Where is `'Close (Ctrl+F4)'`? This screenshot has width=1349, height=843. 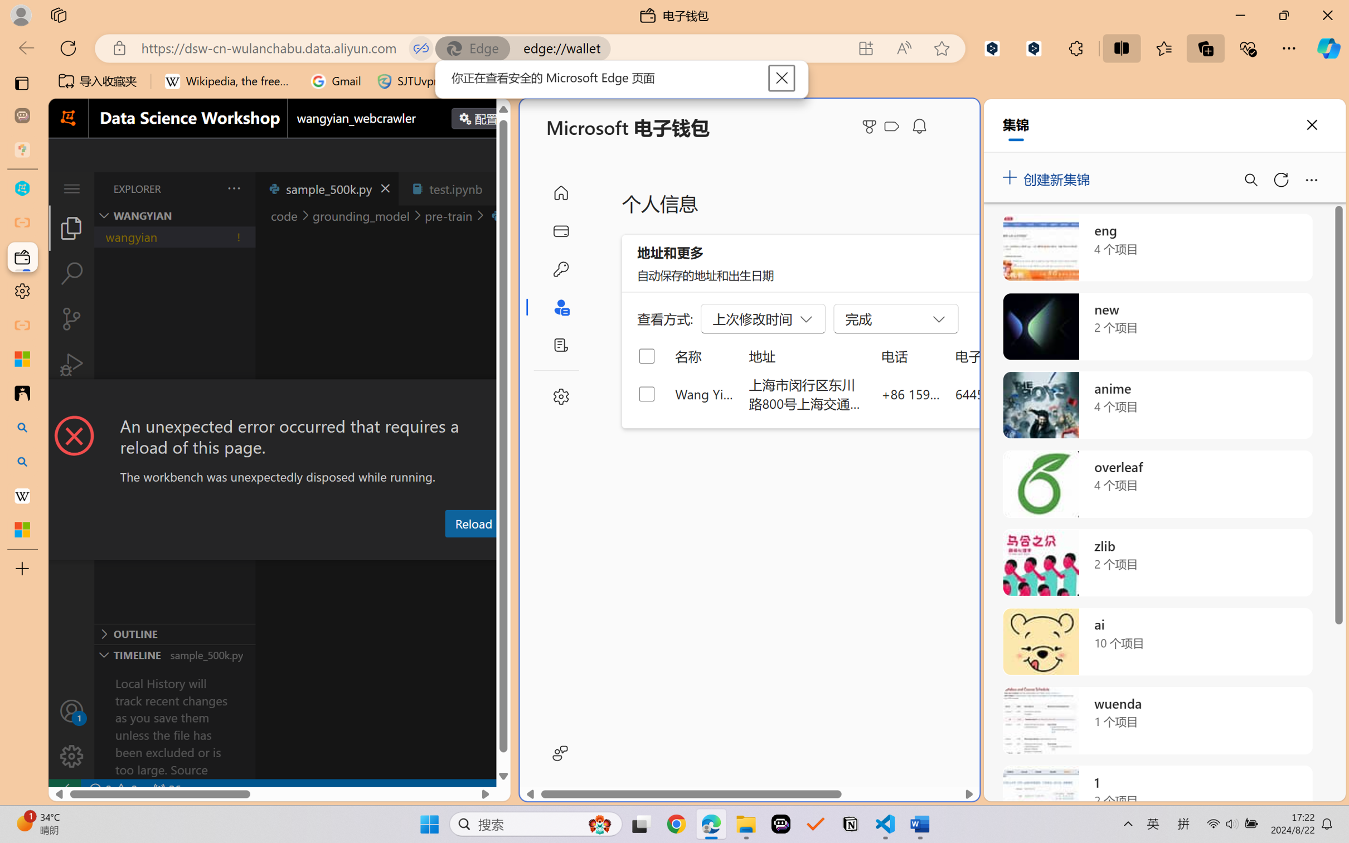
'Close (Ctrl+F4)' is located at coordinates (497, 188).